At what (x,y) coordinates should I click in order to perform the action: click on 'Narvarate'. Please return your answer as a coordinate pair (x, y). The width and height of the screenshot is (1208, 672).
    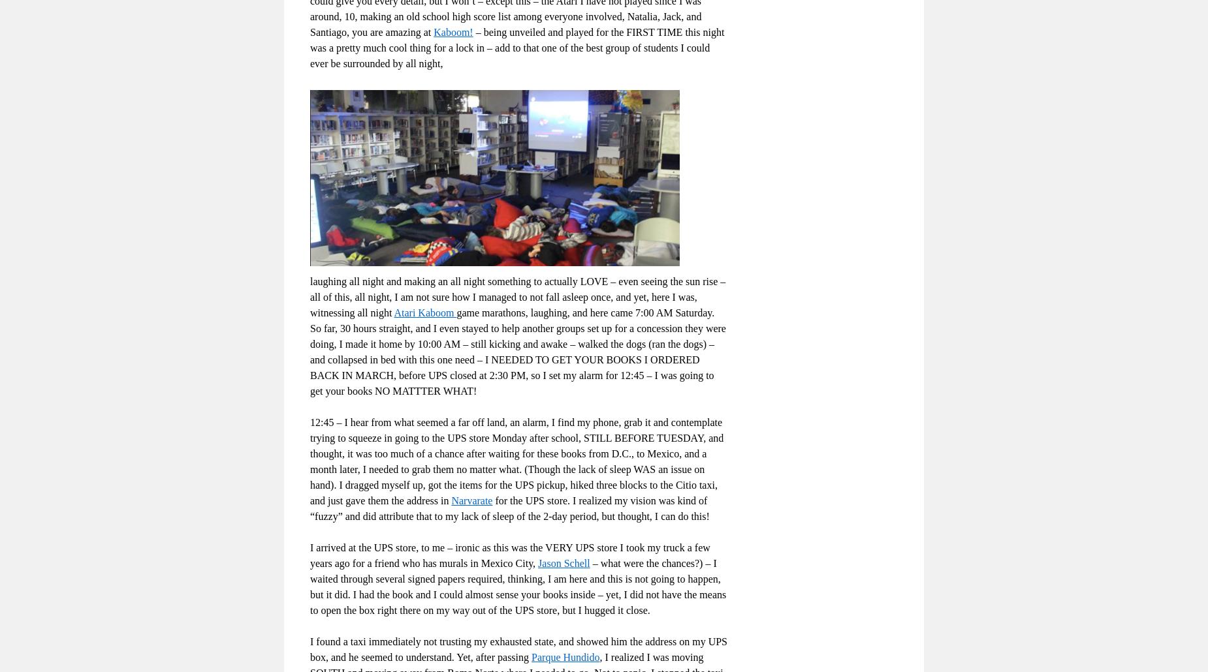
    Looking at the image, I should click on (471, 500).